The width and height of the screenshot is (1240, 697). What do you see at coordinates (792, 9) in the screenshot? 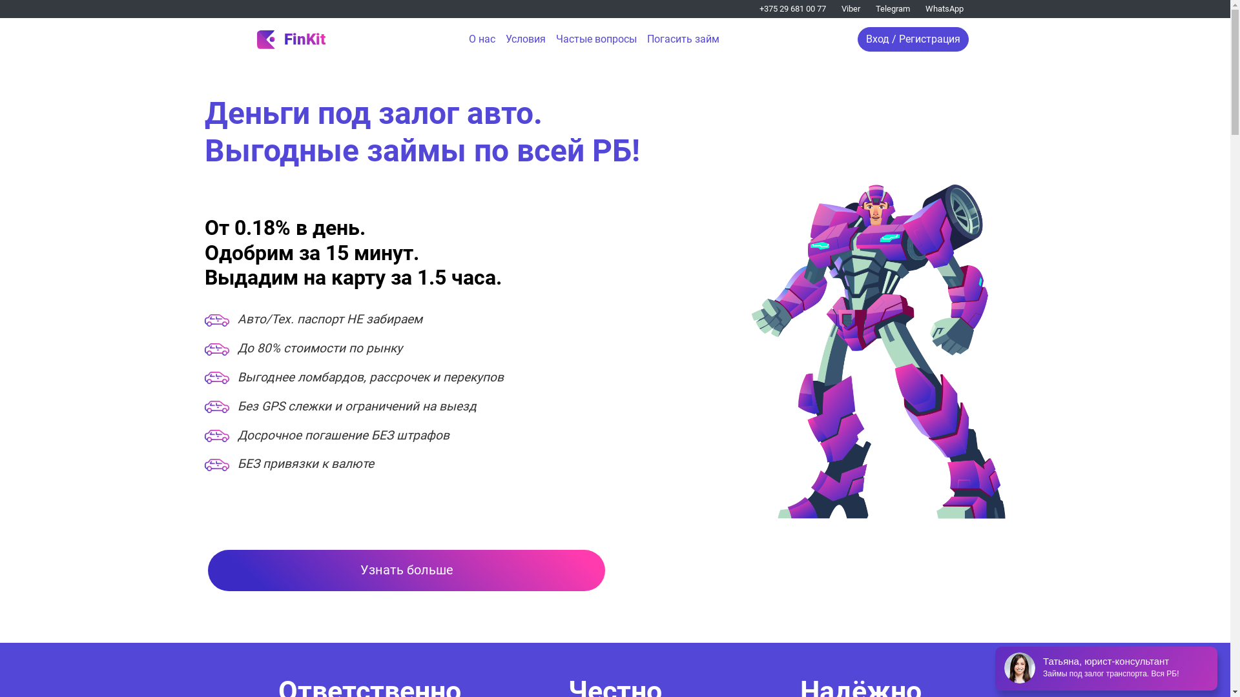
I see `'+375 29 681 00 77'` at bounding box center [792, 9].